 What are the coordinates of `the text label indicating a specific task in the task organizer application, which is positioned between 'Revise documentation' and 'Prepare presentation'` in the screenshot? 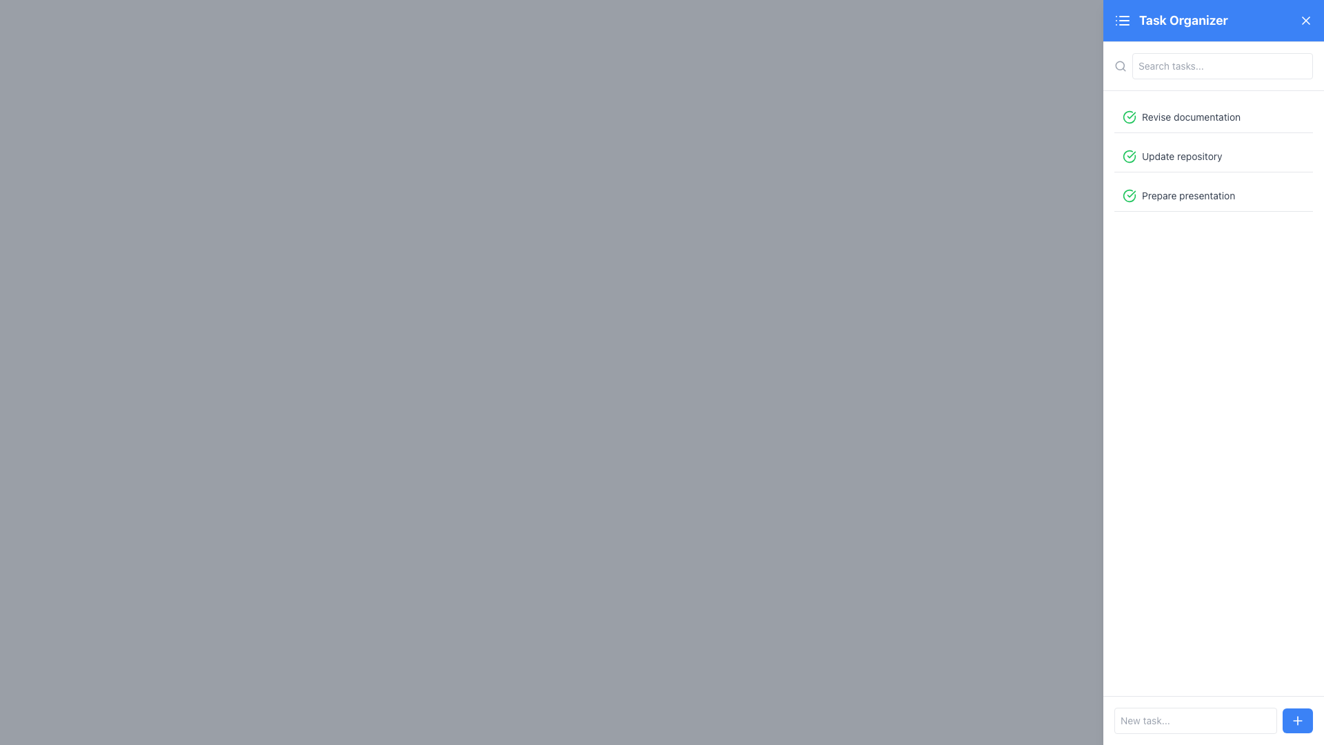 It's located at (1181, 156).